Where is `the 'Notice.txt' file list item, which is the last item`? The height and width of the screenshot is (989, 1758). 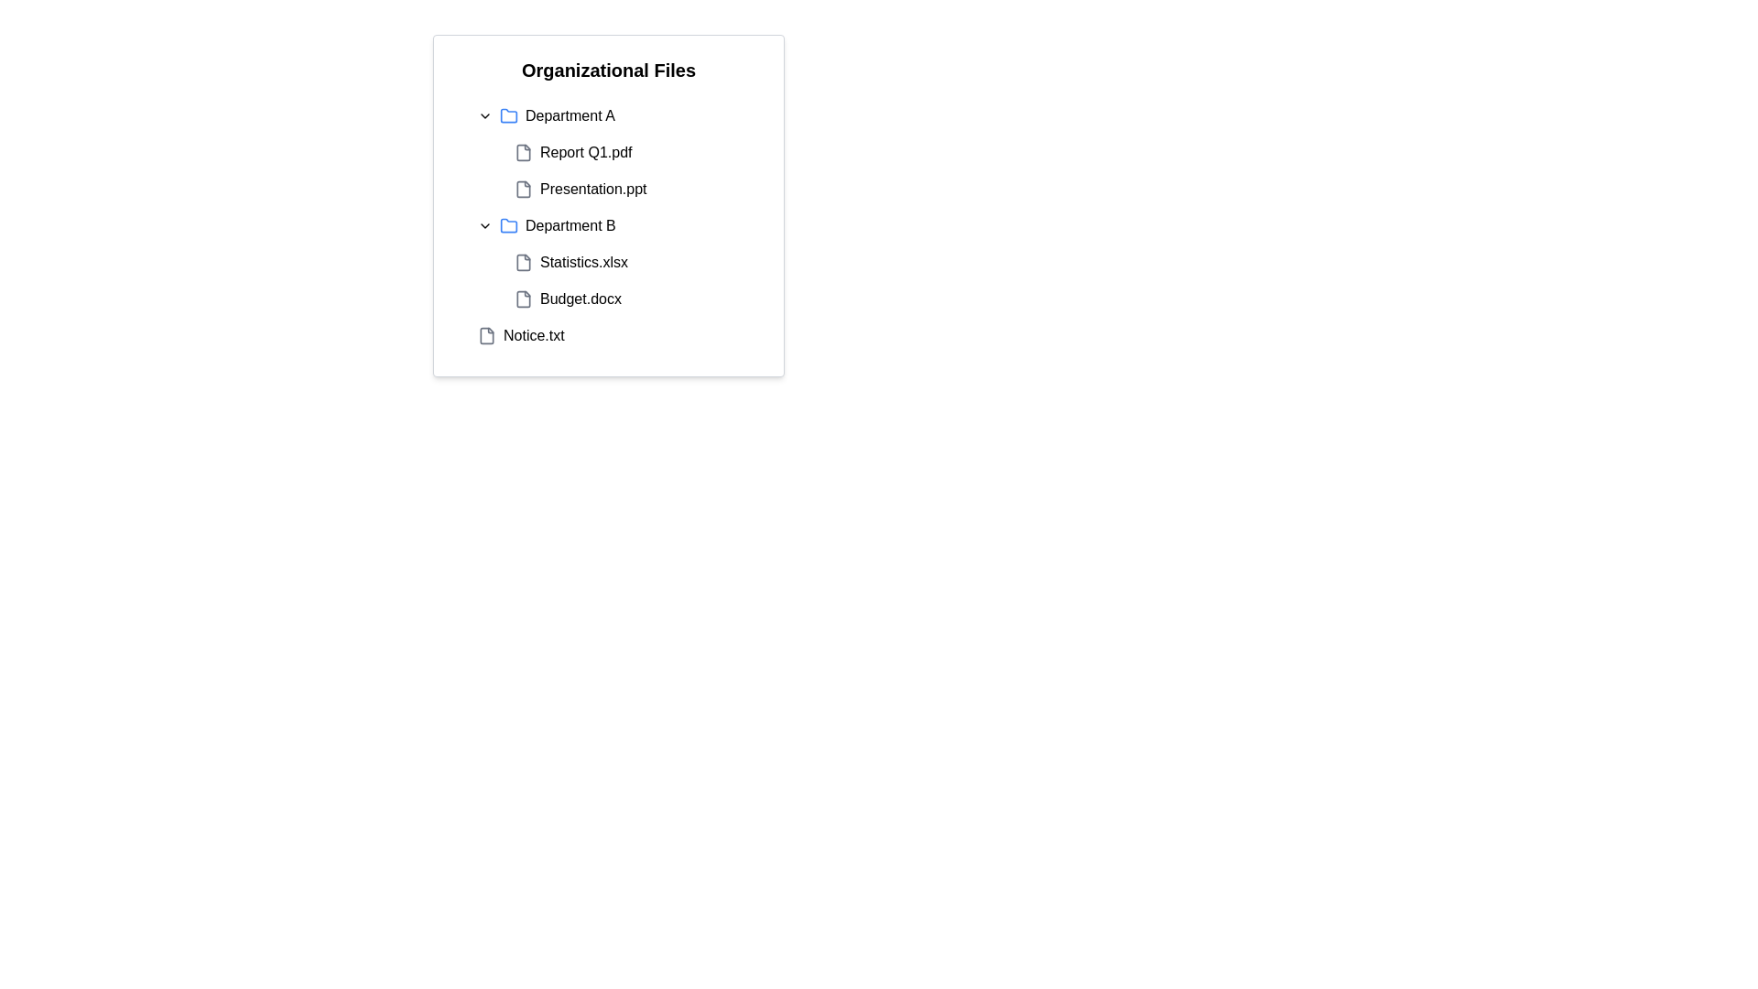 the 'Notice.txt' file list item, which is the last item is located at coordinates (609, 335).